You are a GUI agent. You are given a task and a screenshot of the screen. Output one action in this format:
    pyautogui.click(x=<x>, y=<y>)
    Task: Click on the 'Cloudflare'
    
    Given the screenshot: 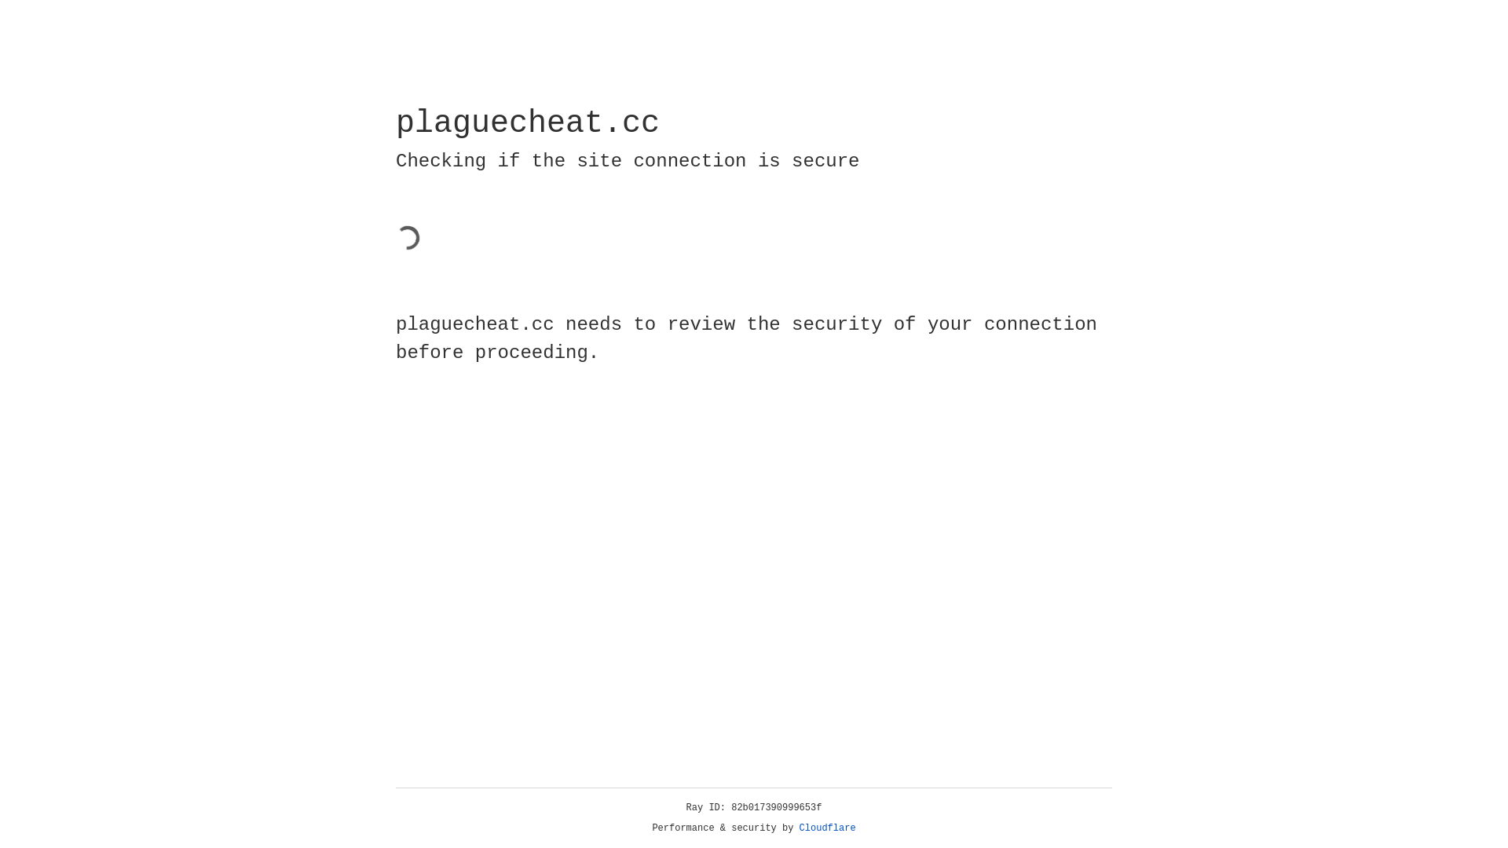 What is the action you would take?
    pyautogui.click(x=827, y=828)
    